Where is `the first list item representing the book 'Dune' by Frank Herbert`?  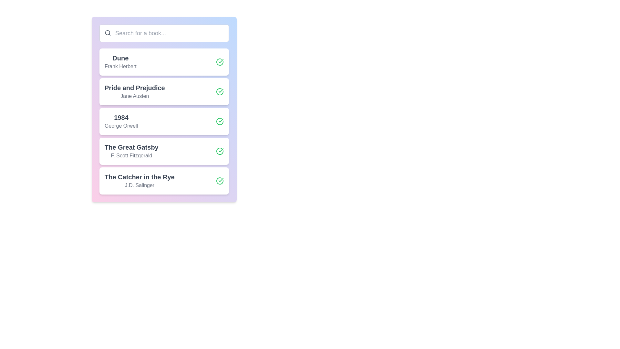
the first list item representing the book 'Dune' by Frank Herbert is located at coordinates (164, 62).